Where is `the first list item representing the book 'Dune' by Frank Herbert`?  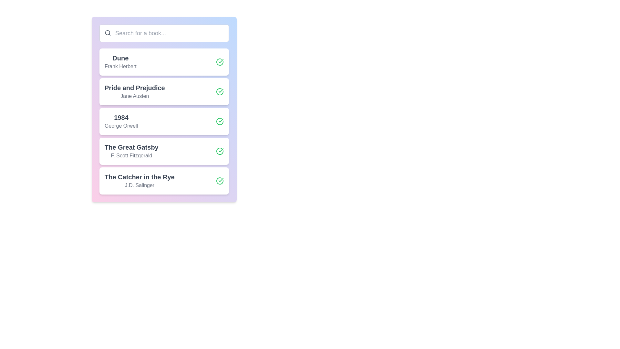
the first list item representing the book 'Dune' by Frank Herbert is located at coordinates (164, 62).